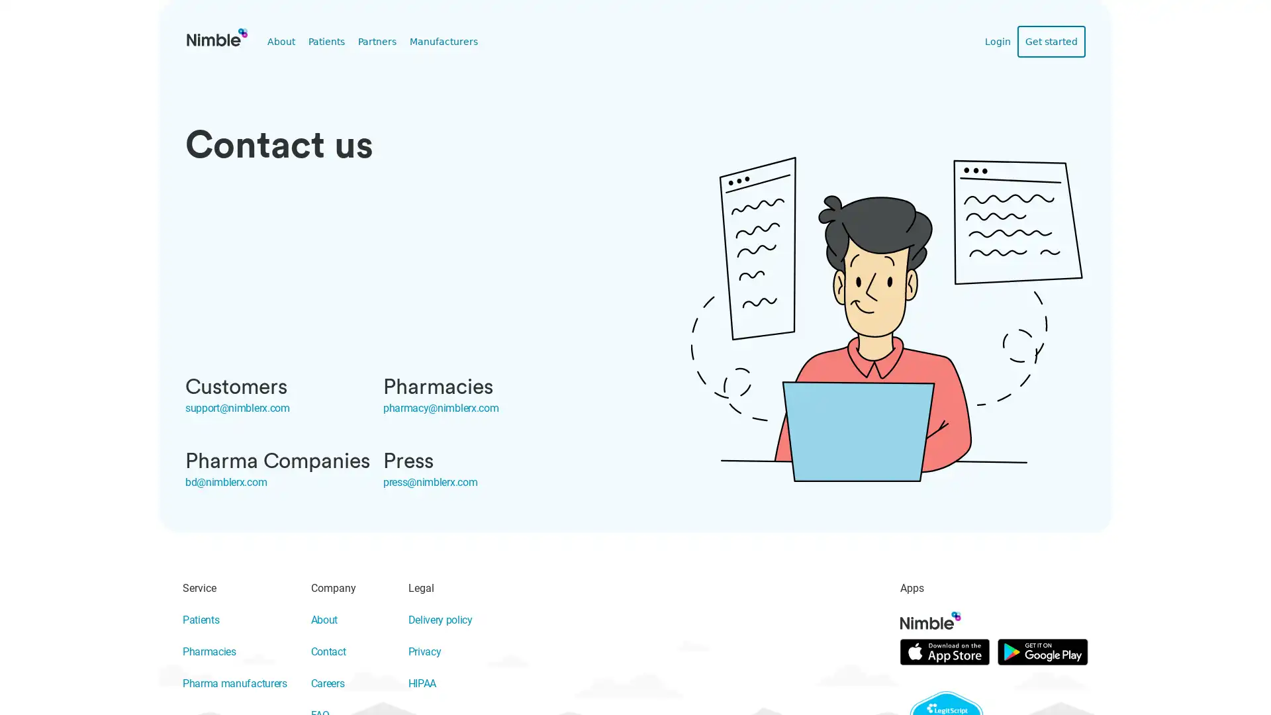 Image resolution: width=1271 pixels, height=715 pixels. What do you see at coordinates (279, 40) in the screenshot?
I see `About` at bounding box center [279, 40].